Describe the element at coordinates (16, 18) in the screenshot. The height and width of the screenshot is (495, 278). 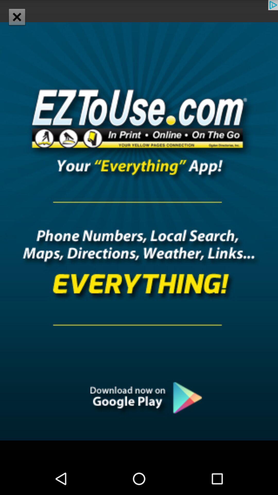
I see `the close icon` at that location.